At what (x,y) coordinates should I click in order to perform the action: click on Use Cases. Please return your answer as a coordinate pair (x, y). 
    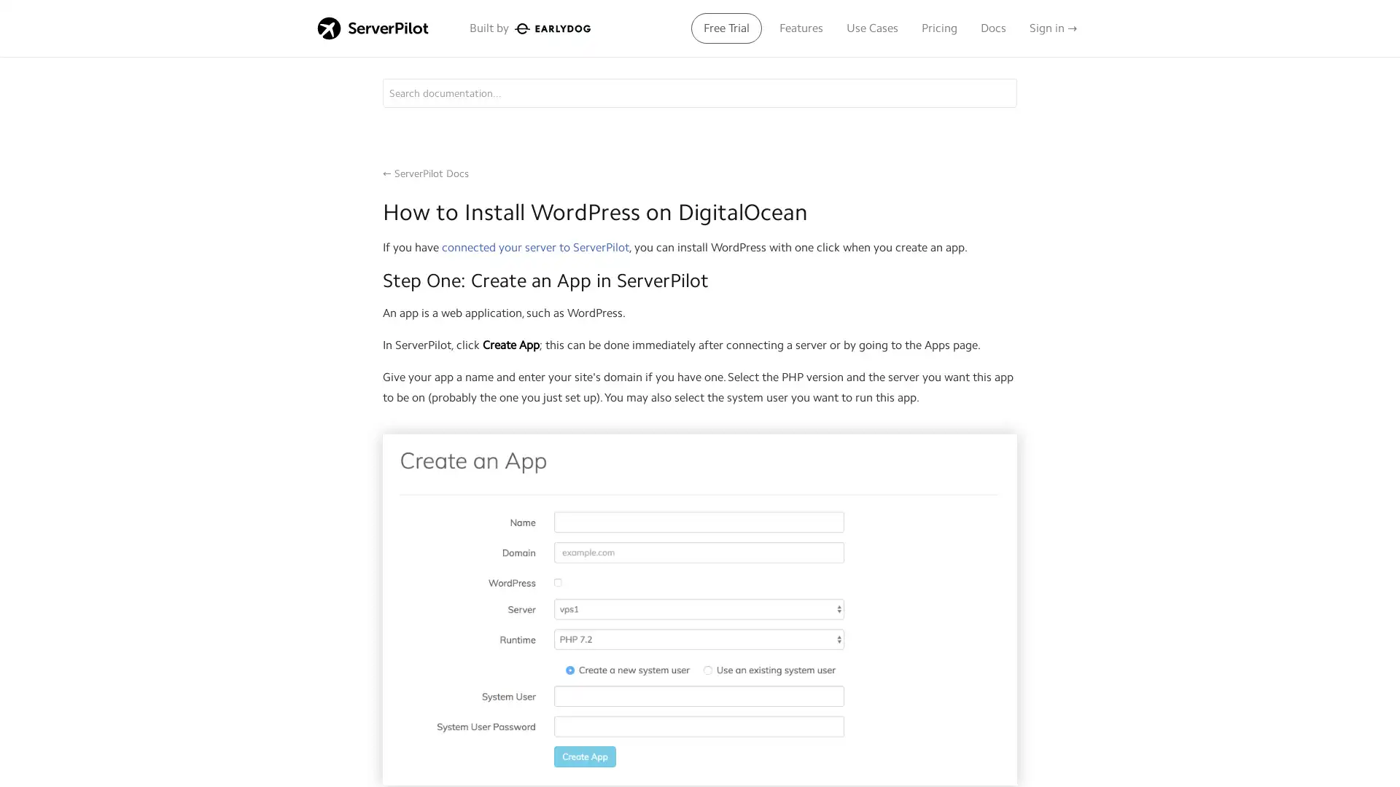
    Looking at the image, I should click on (872, 28).